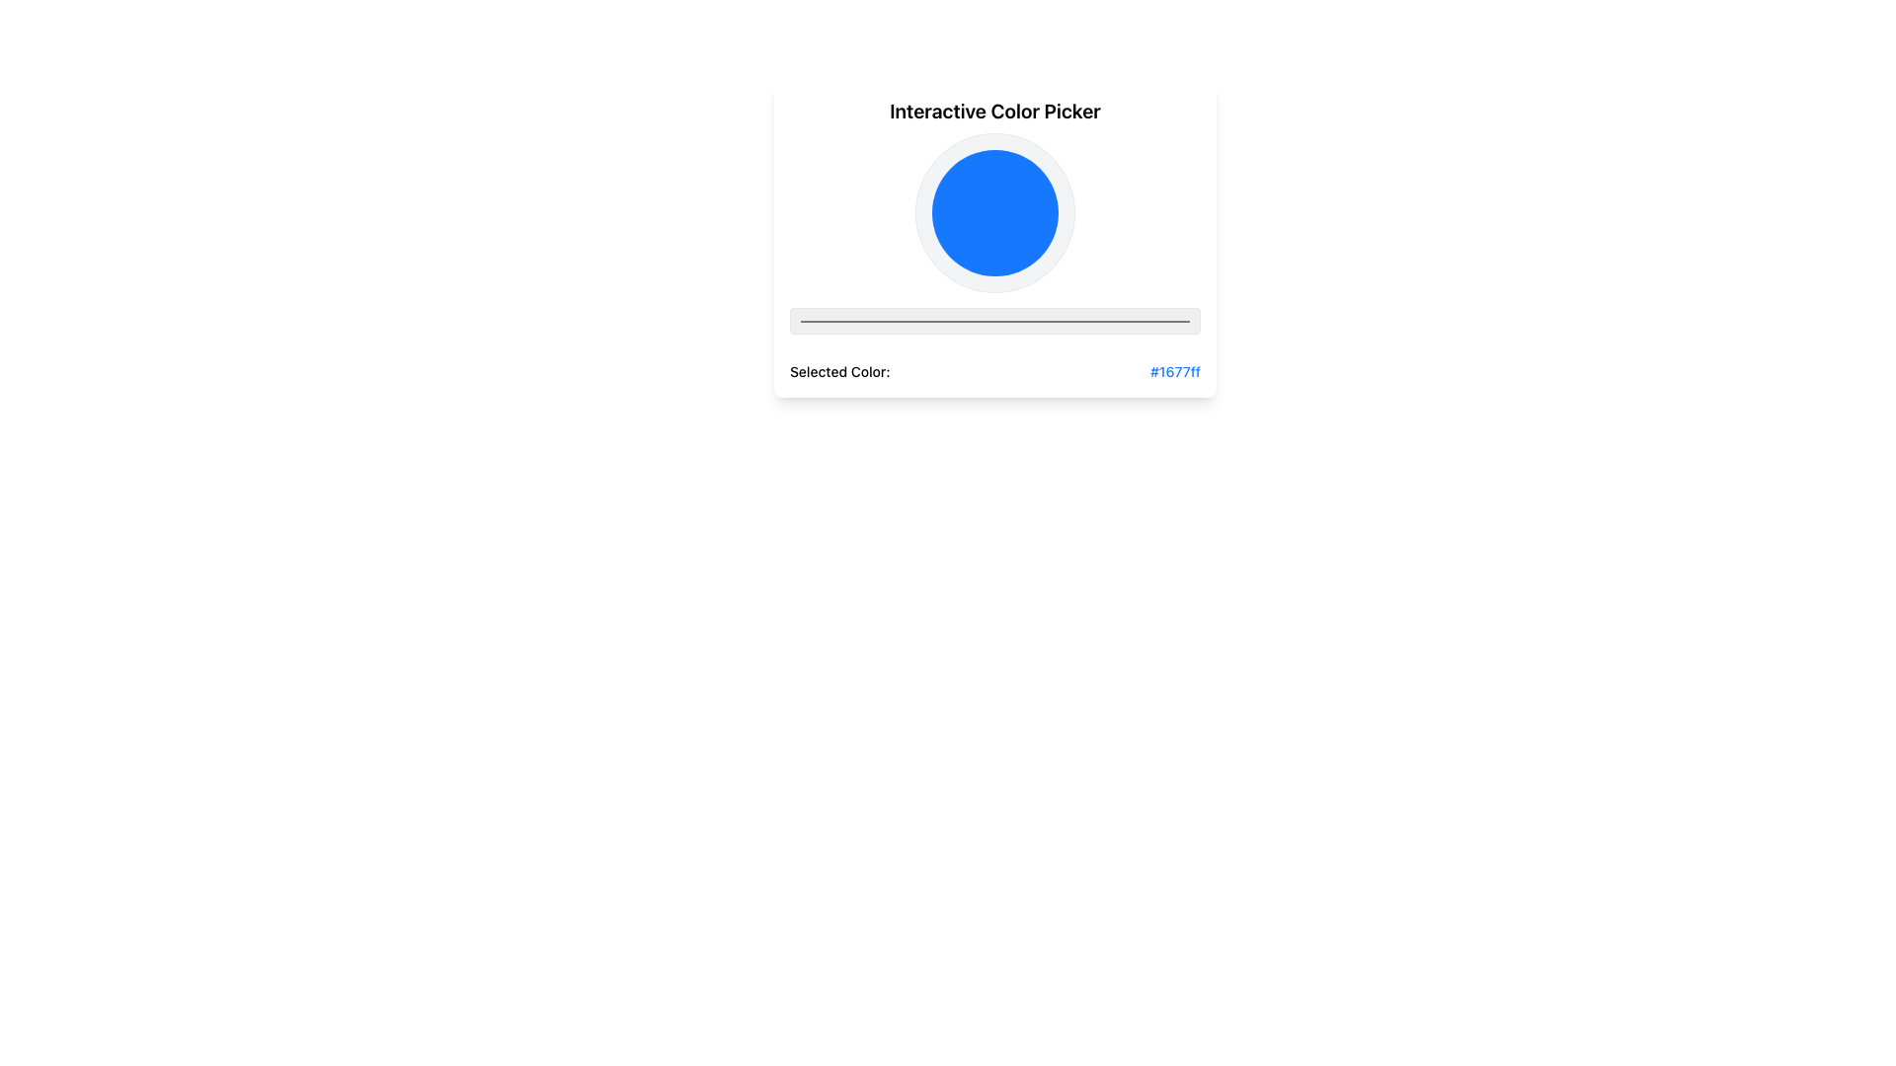 Image resolution: width=1896 pixels, height=1066 pixels. What do you see at coordinates (1175, 372) in the screenshot?
I see `the static text element that displays the currently selected color's hexadecimal code, located to the right of the 'Selected Color:' label` at bounding box center [1175, 372].